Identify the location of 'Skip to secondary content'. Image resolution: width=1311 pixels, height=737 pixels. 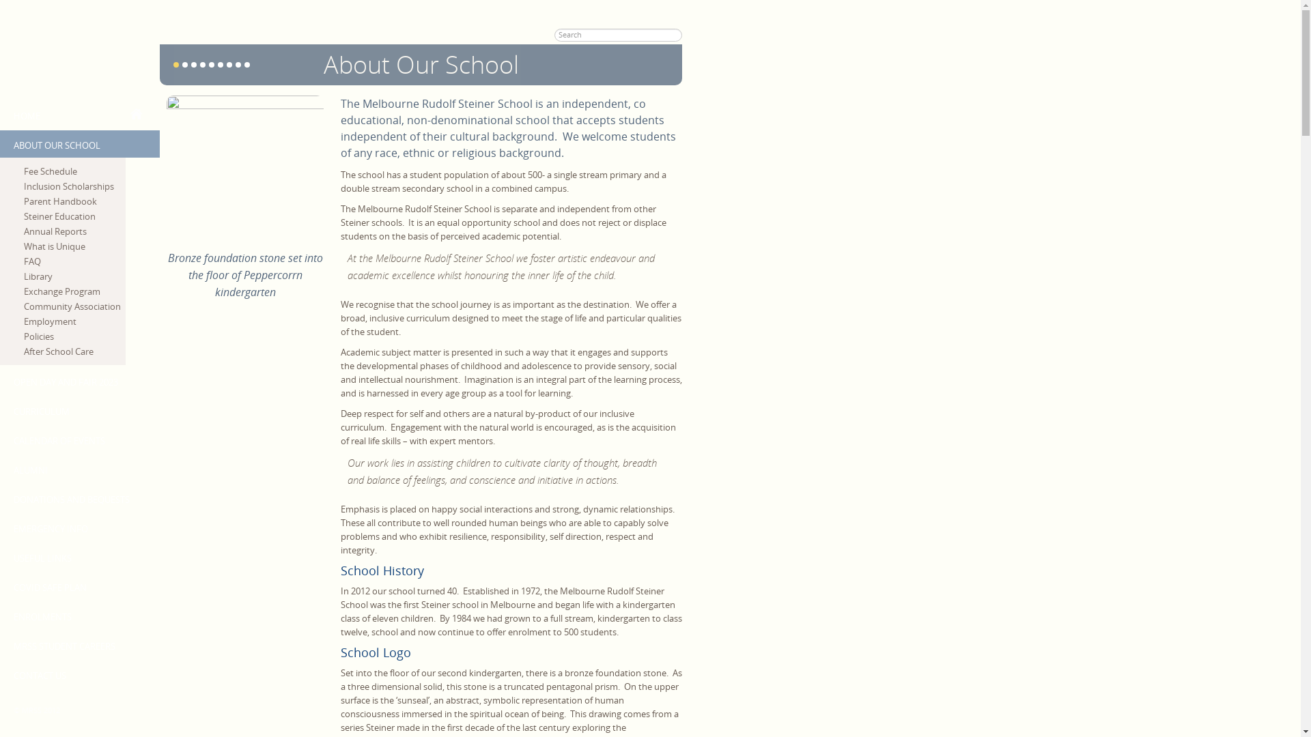
(0, 7).